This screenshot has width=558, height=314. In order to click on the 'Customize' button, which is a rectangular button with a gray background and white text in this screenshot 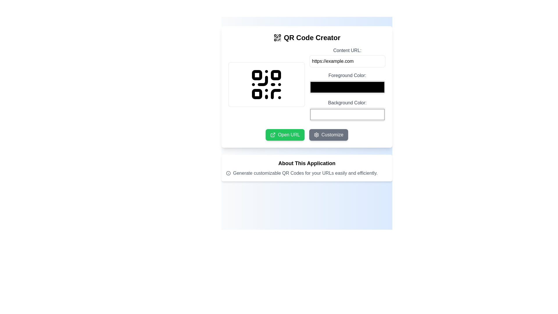, I will do `click(328, 135)`.